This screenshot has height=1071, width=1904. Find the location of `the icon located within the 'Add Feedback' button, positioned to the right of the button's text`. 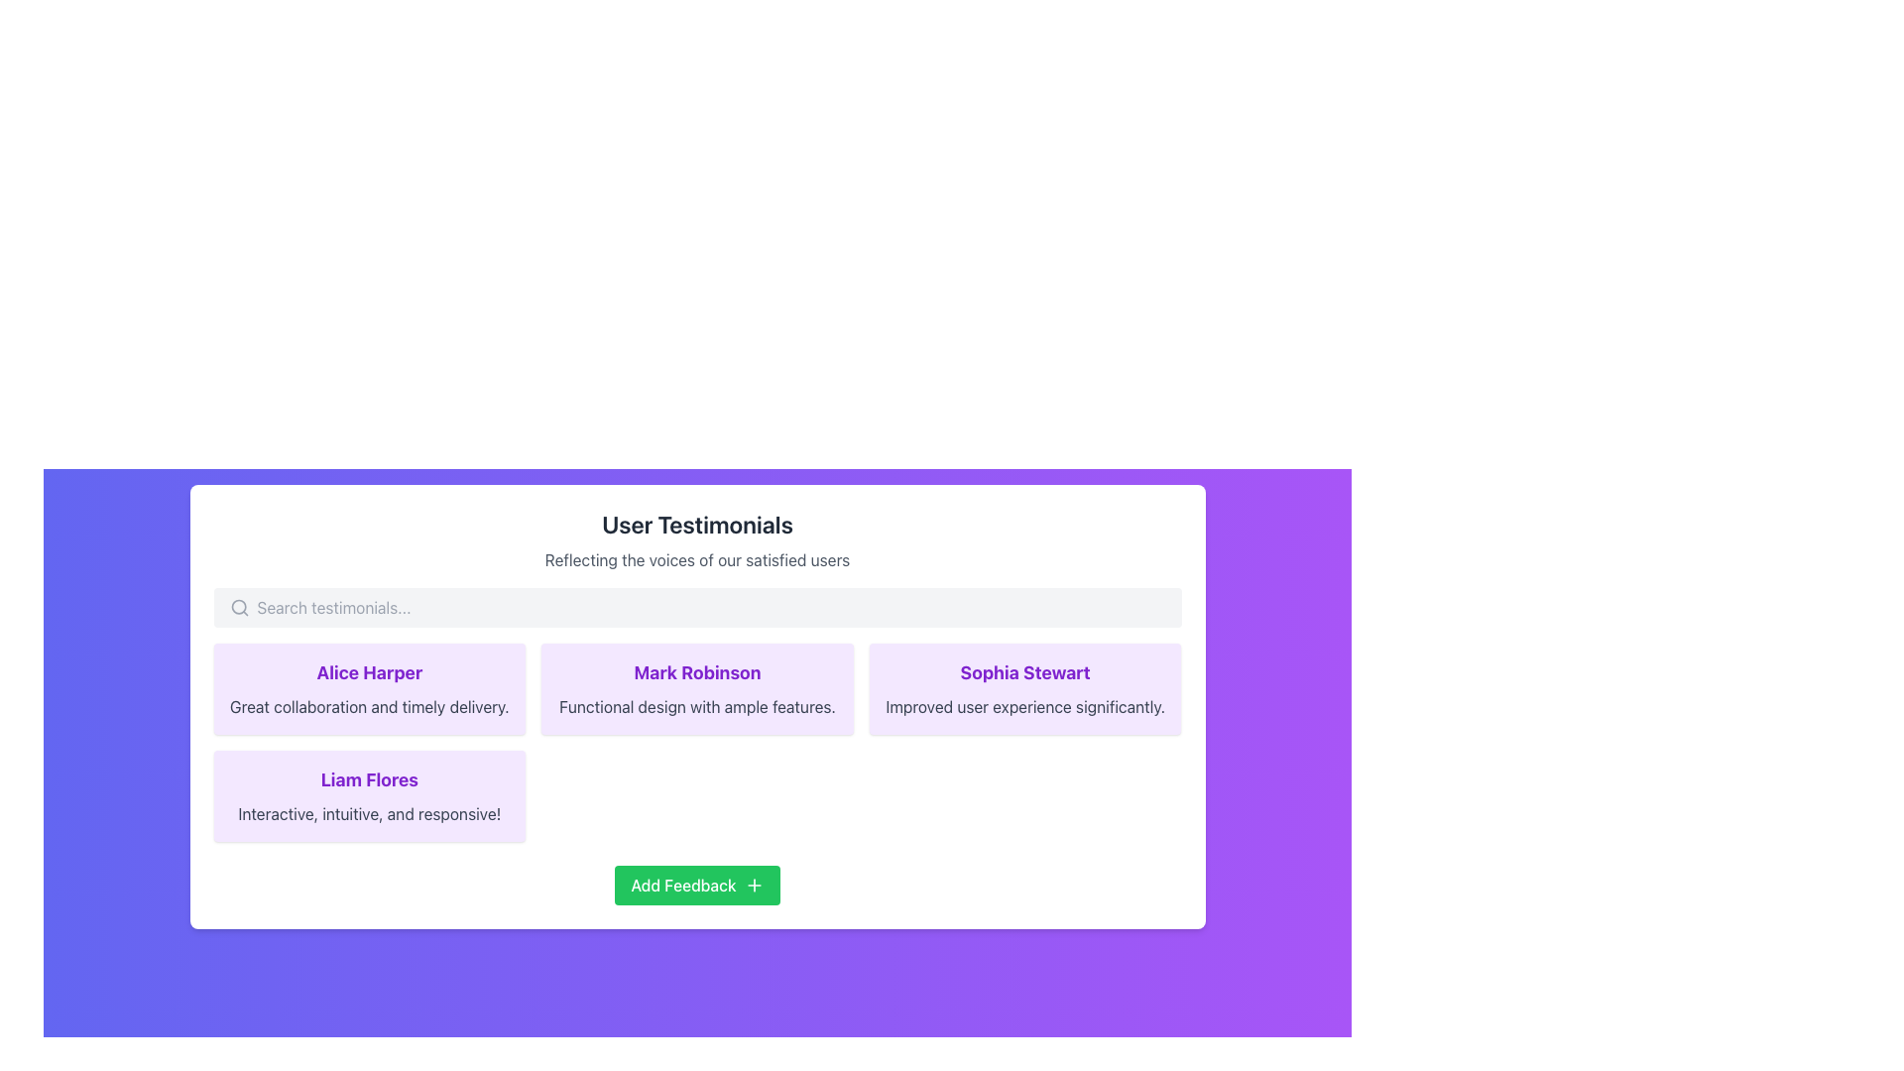

the icon located within the 'Add Feedback' button, positioned to the right of the button's text is located at coordinates (753, 885).